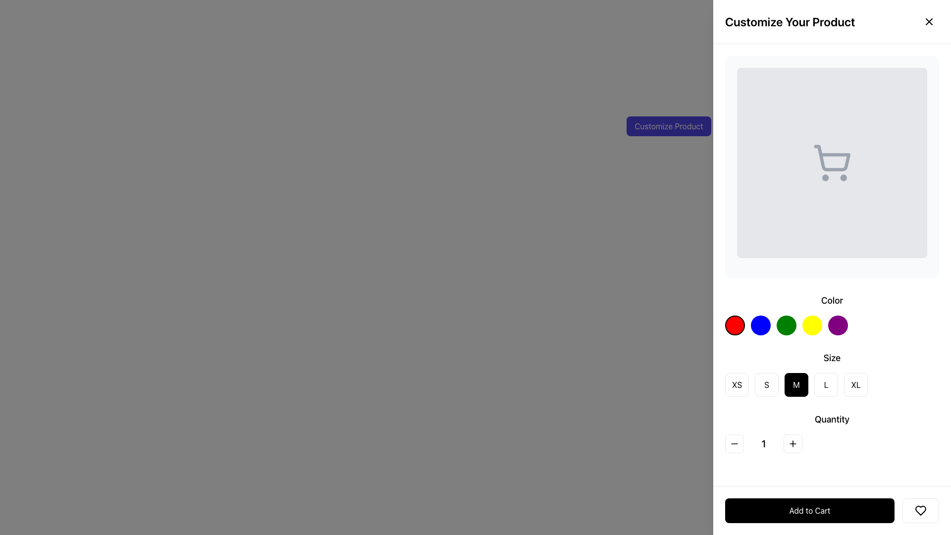 This screenshot has width=951, height=535. I want to click on the circular button with an 'X' icon located at the top-right corner of the 'Customize Your Product' modal, so click(929, 21).